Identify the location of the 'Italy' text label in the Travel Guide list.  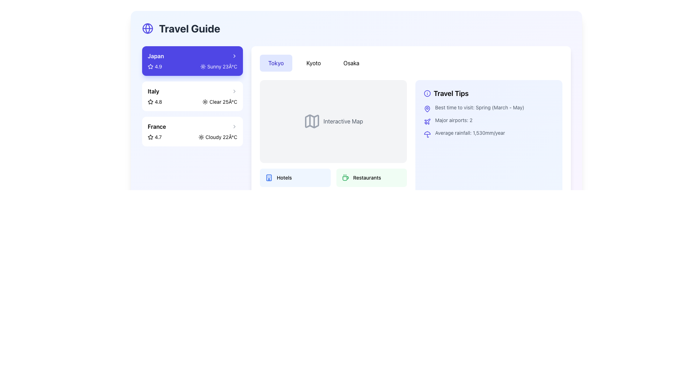
(153, 91).